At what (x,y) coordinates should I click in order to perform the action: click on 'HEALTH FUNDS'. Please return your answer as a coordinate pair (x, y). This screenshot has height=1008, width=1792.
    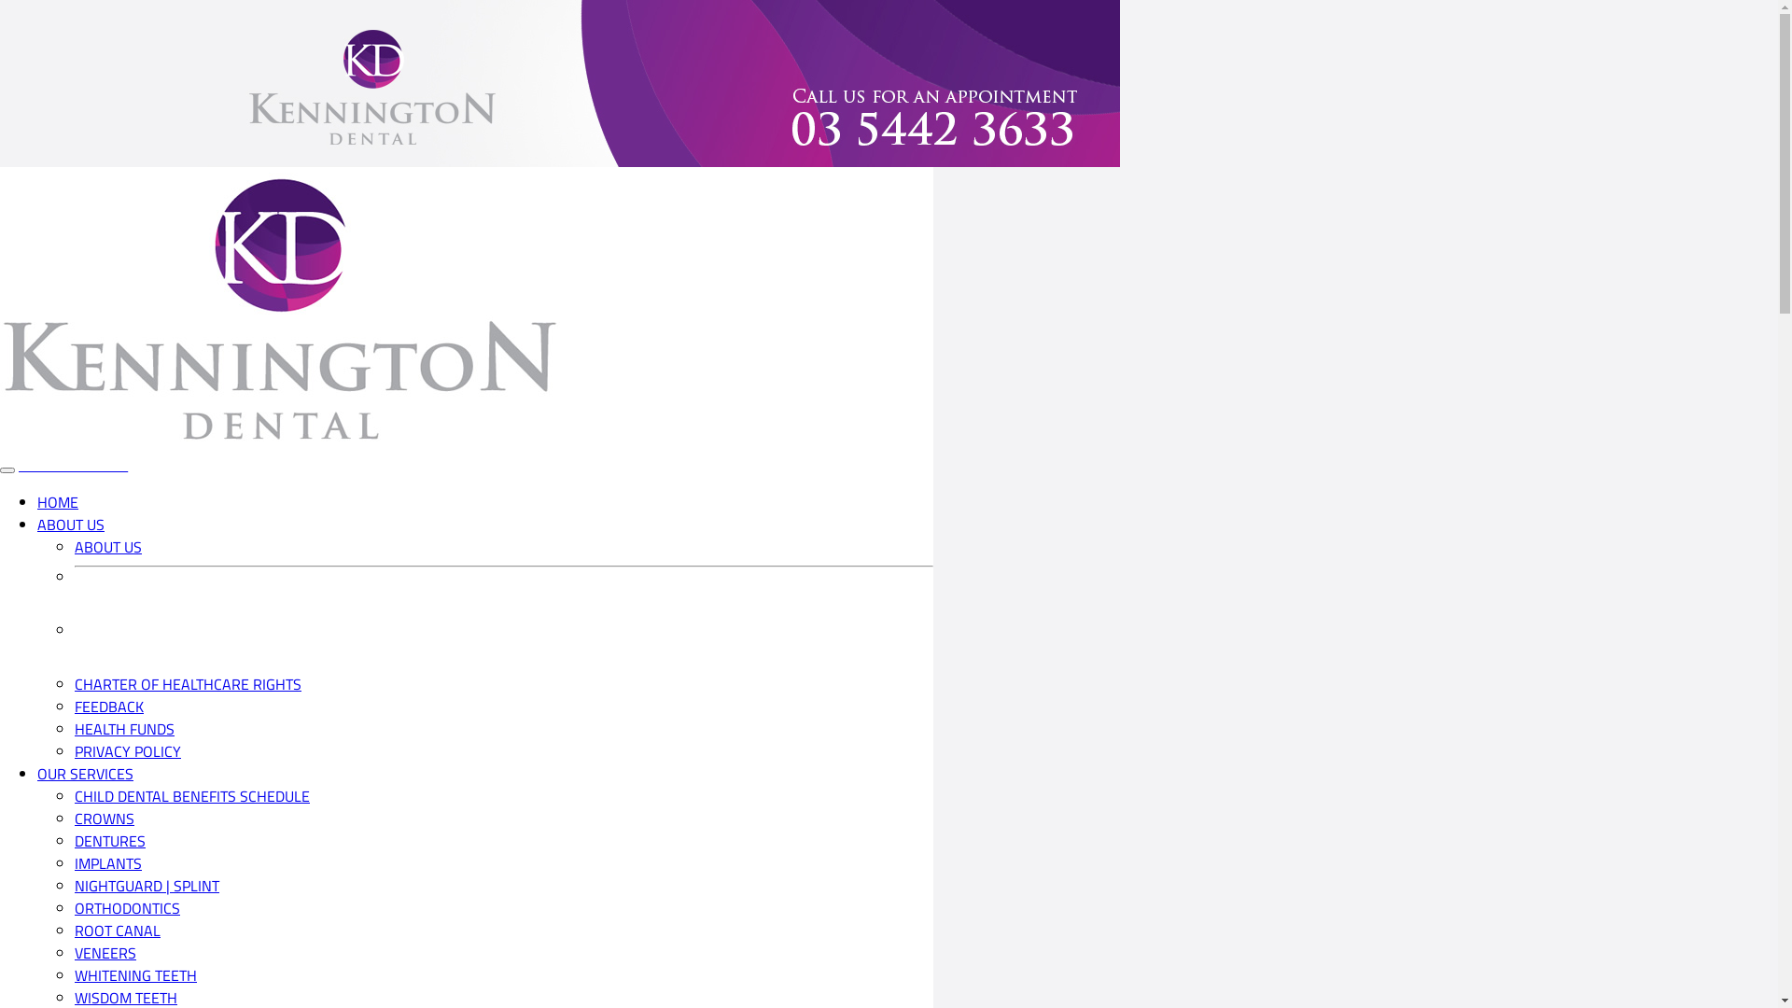
    Looking at the image, I should click on (123, 727).